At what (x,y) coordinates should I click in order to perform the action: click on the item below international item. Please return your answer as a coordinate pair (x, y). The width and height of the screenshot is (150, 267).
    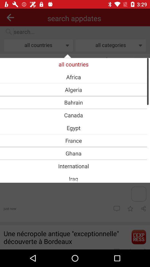
    Looking at the image, I should click on (73, 178).